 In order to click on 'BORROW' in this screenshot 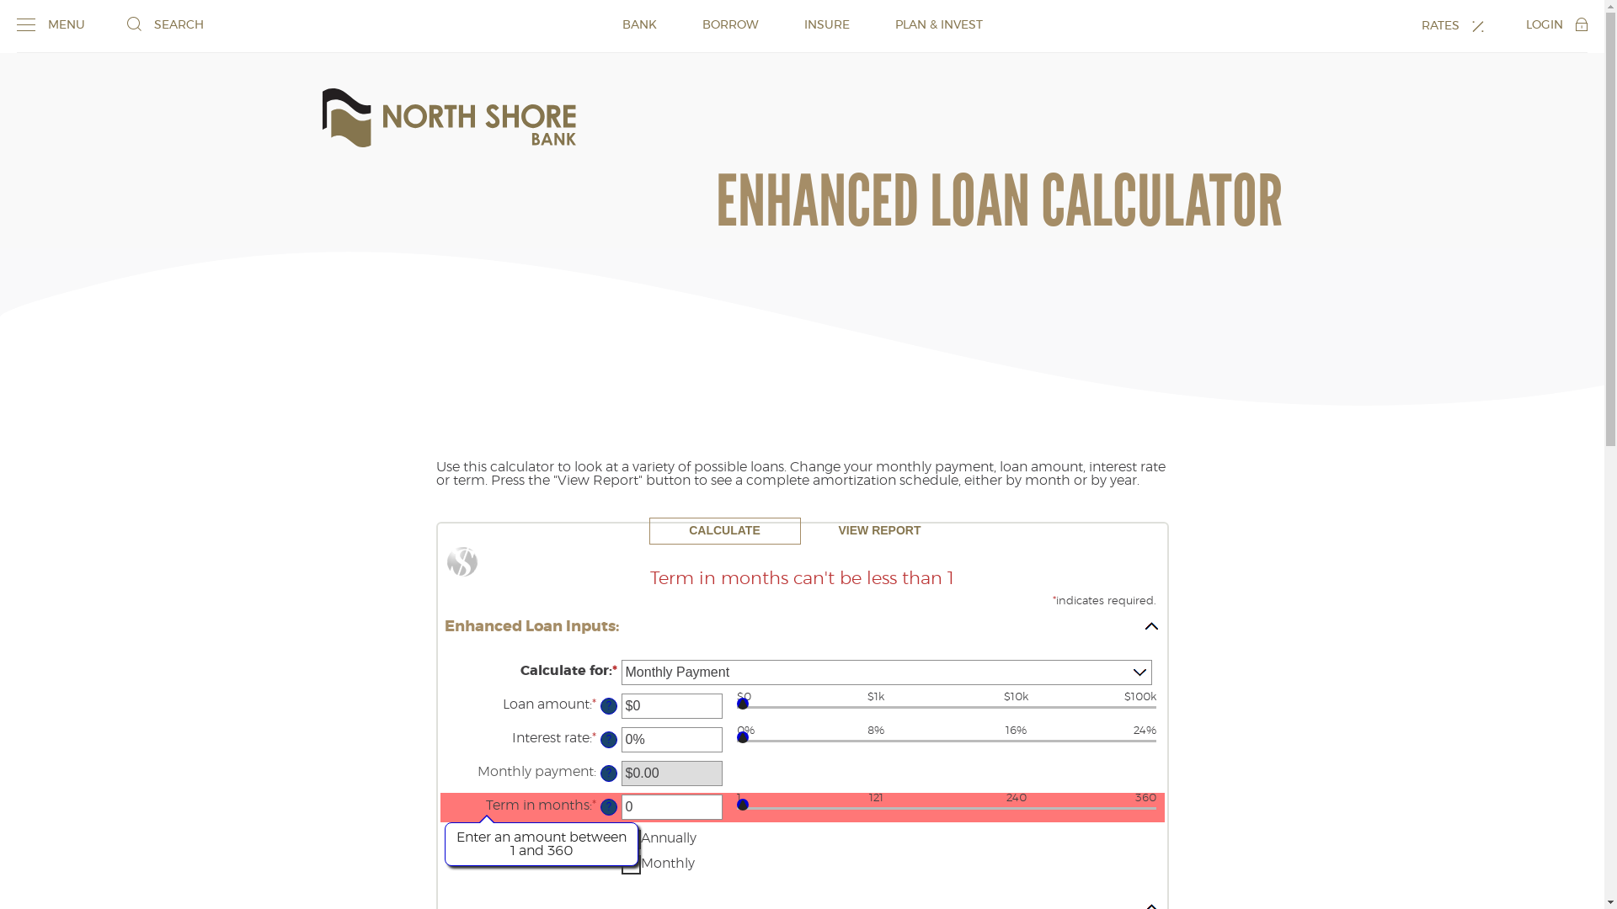, I will do `click(730, 25)`.